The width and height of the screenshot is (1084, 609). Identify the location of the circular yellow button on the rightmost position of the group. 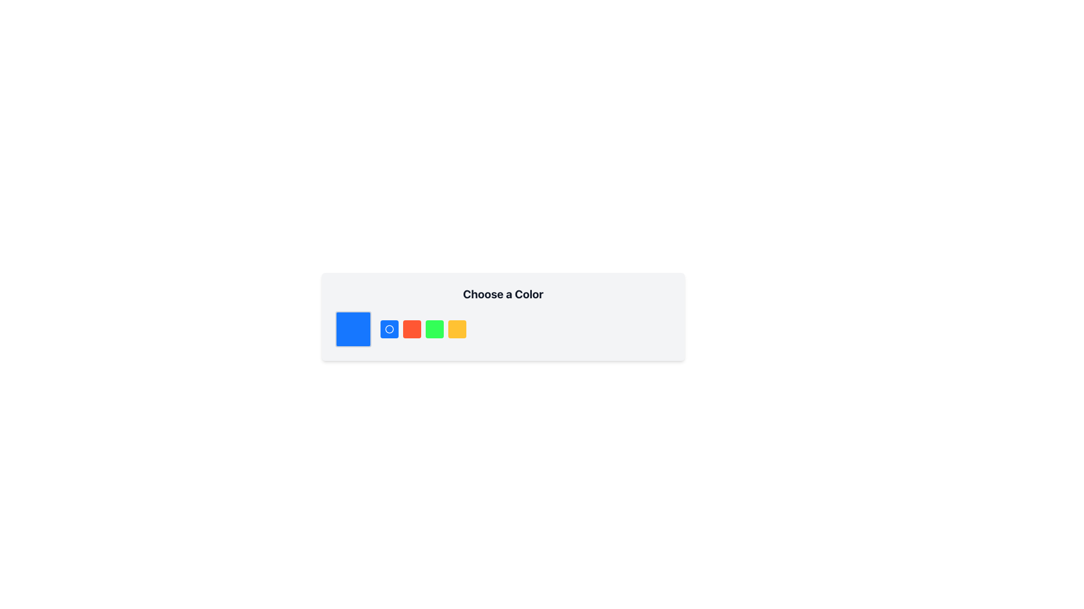
(457, 329).